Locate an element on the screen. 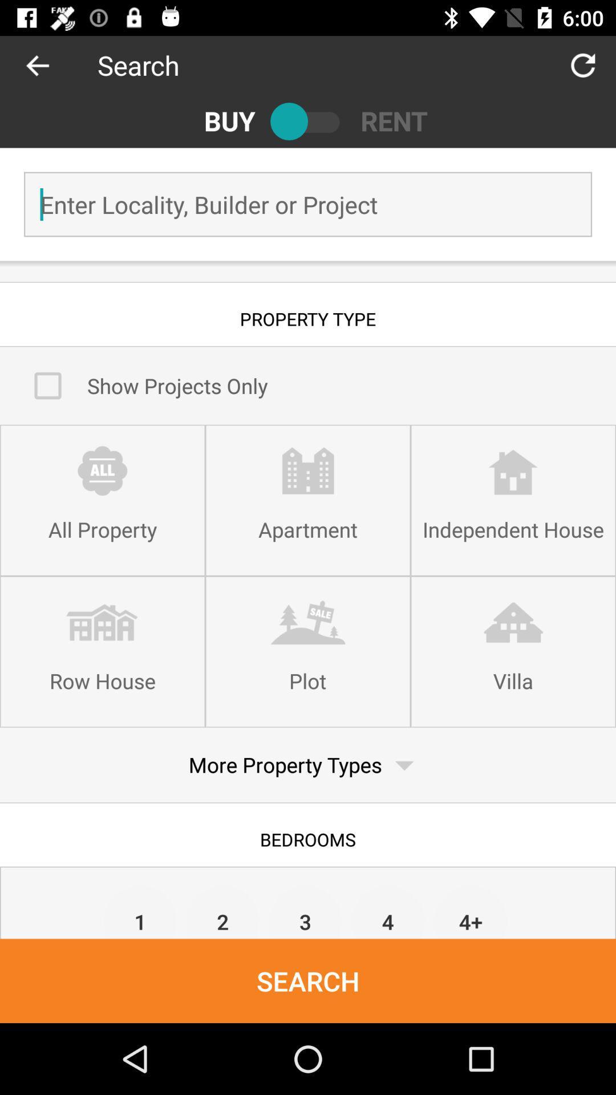  item below bedrooms item is located at coordinates (305, 911).